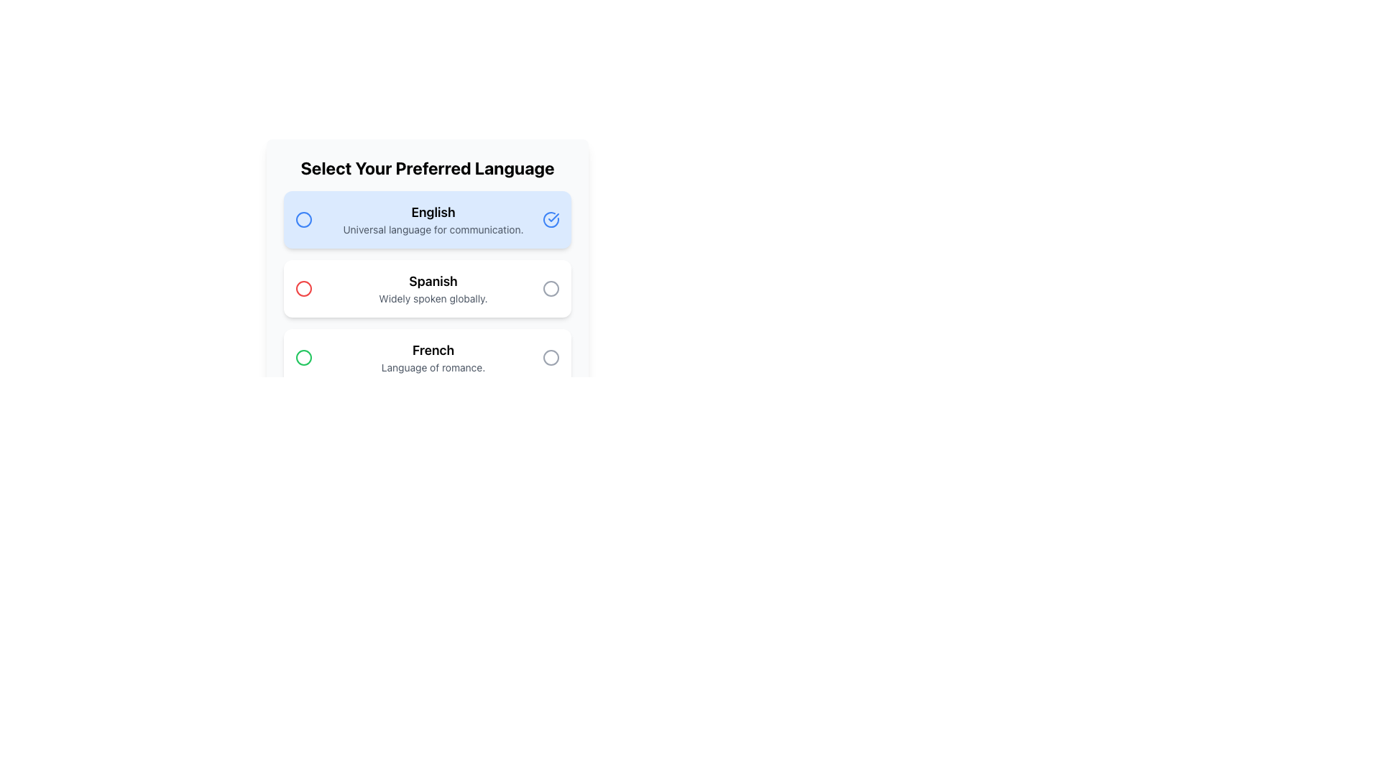 The width and height of the screenshot is (1380, 776). What do you see at coordinates (427, 288) in the screenshot?
I see `the 'Spanish' radio button in the language preference selector by tapping on it` at bounding box center [427, 288].